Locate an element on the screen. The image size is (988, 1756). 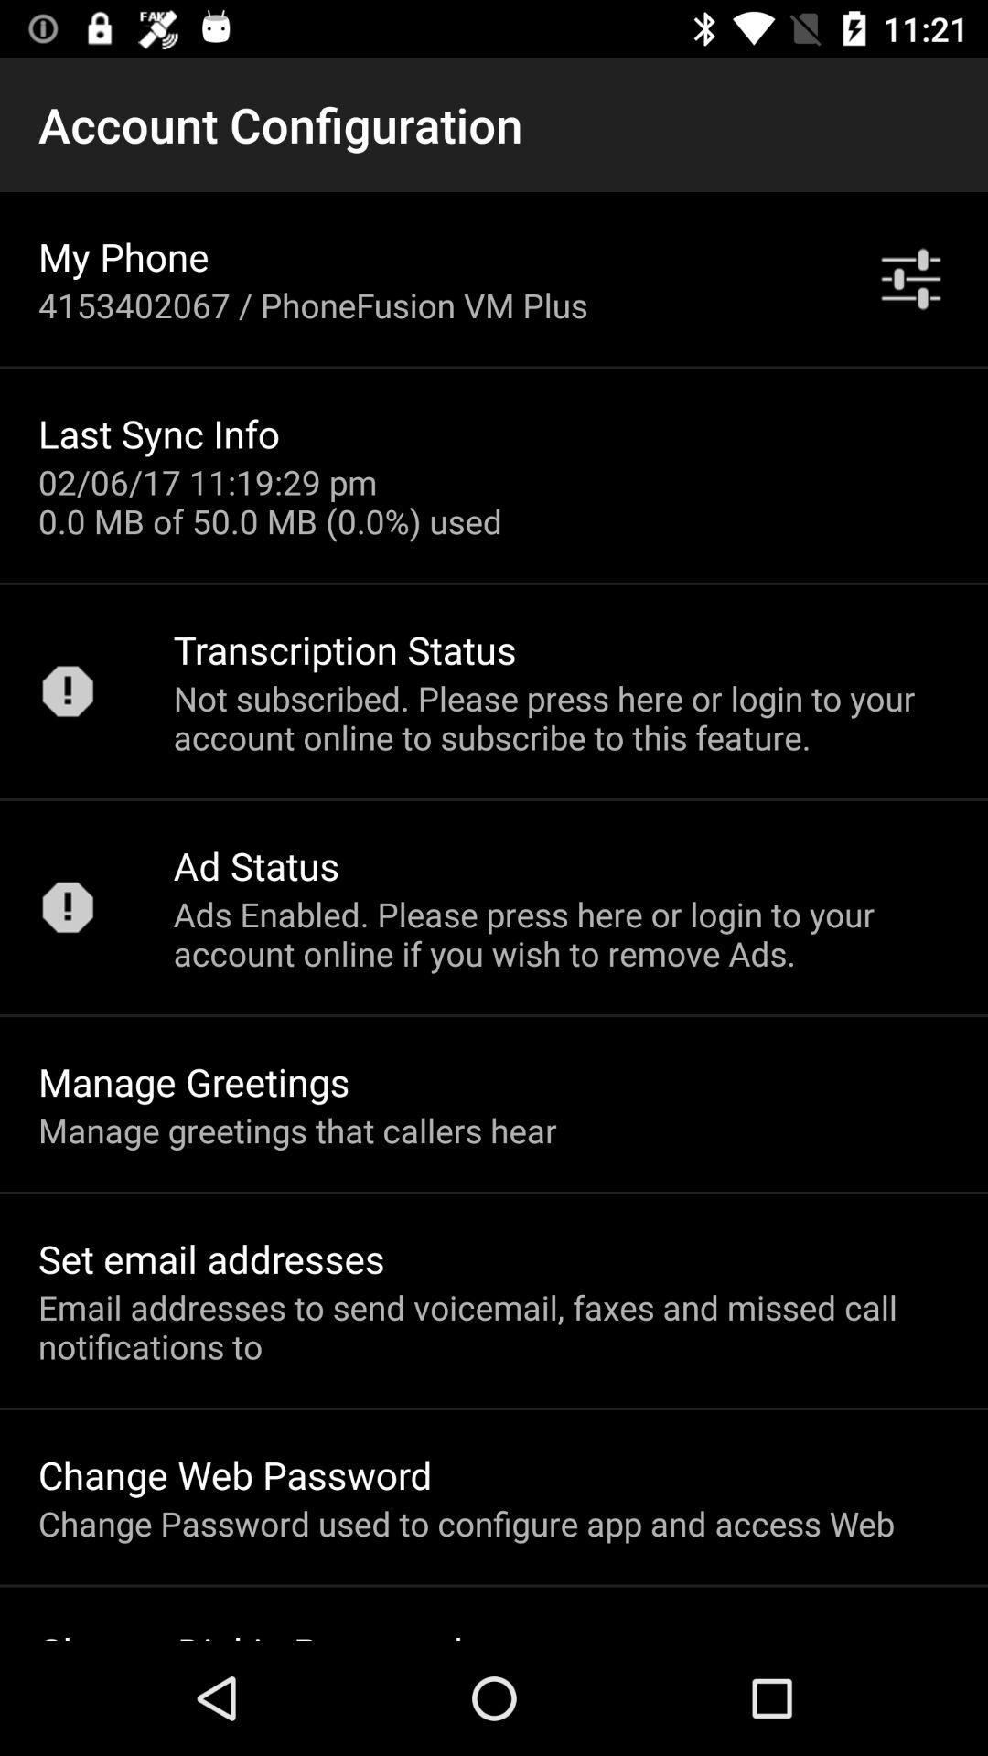
my phone item is located at coordinates (123, 255).